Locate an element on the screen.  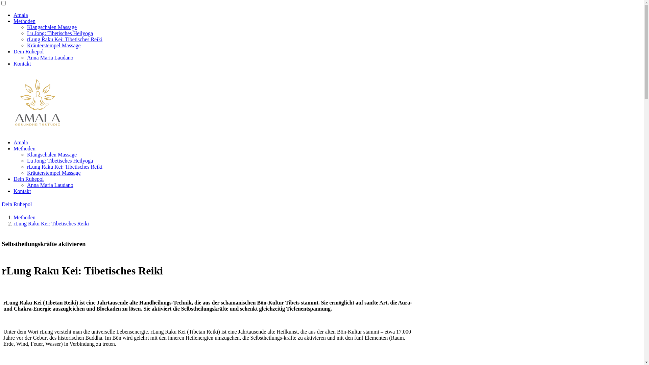
'Dein Ruhepol' is located at coordinates (13, 51).